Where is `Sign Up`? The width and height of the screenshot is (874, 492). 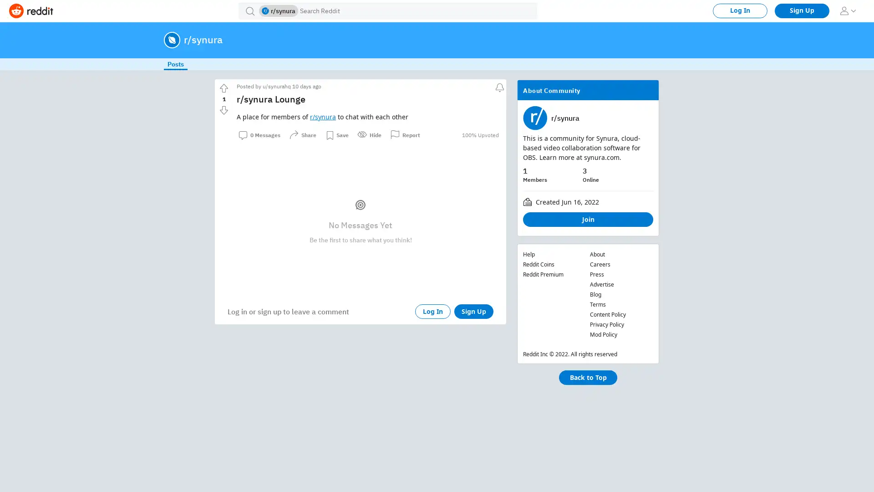
Sign Up is located at coordinates (802, 10).